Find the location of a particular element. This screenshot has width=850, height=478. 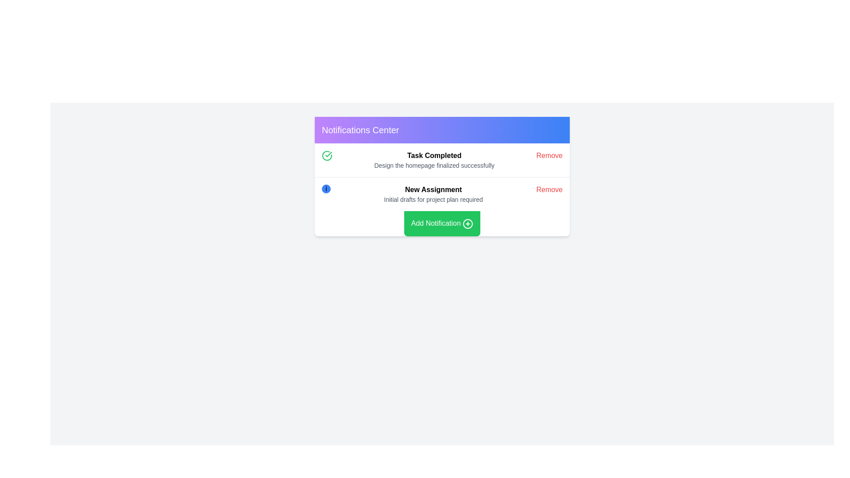

the green circular icon with a white plus sign, located in the lower-right corner of the 'Add Notification' button is located at coordinates (467, 223).